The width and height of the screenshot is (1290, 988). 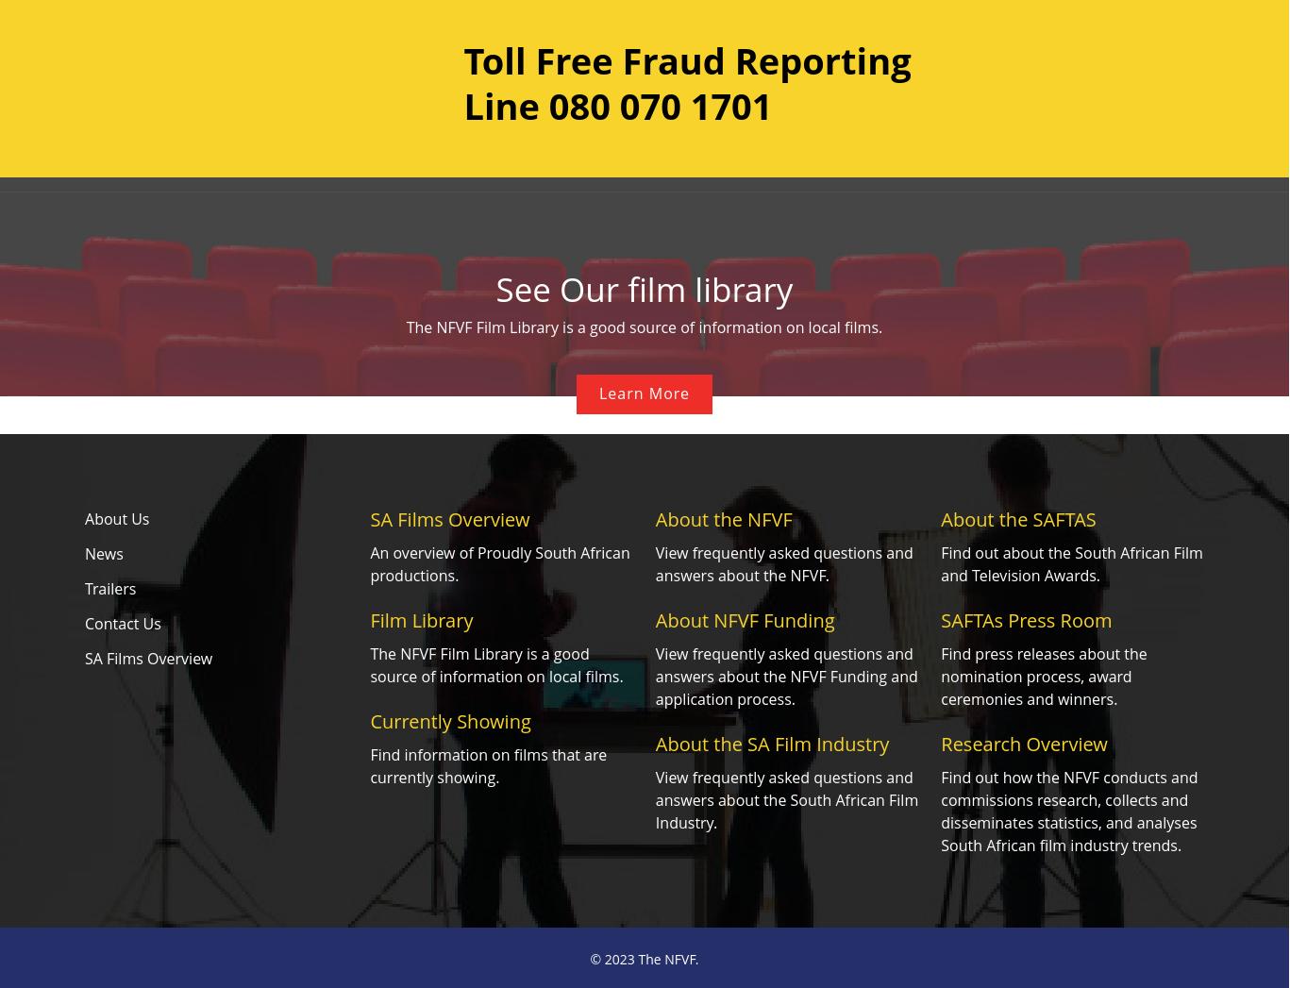 I want to click on 'About the SAFTAS', so click(x=1016, y=519).